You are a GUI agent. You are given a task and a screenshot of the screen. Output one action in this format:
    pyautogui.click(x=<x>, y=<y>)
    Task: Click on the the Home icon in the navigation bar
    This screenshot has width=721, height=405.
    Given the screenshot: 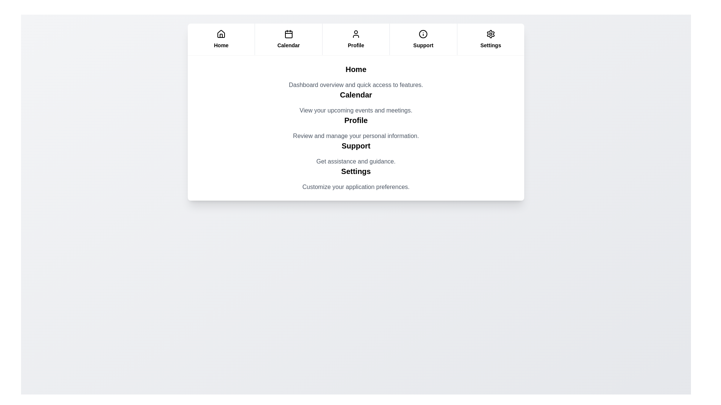 What is the action you would take?
    pyautogui.click(x=221, y=34)
    